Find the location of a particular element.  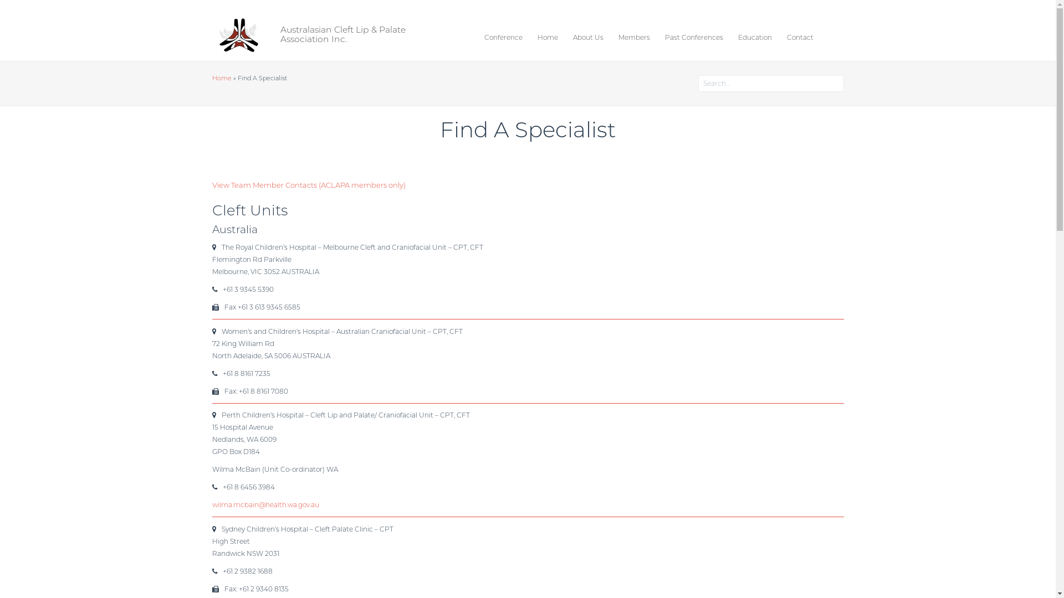

'Home' is located at coordinates (221, 78).